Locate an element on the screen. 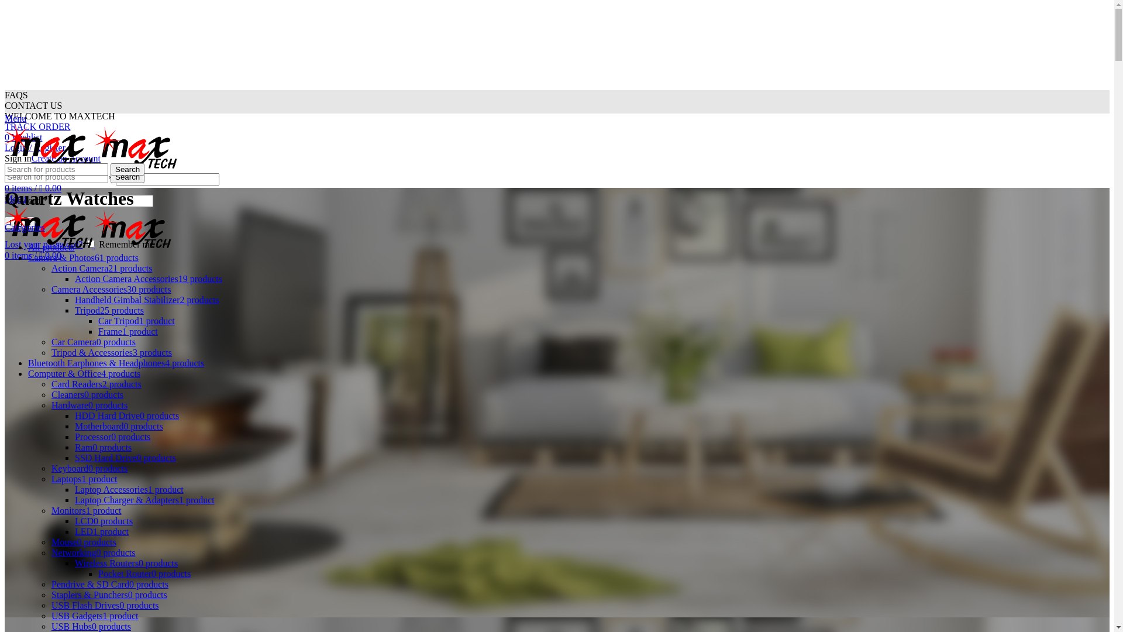 The width and height of the screenshot is (1123, 632). '0 Wishlist' is located at coordinates (23, 136).